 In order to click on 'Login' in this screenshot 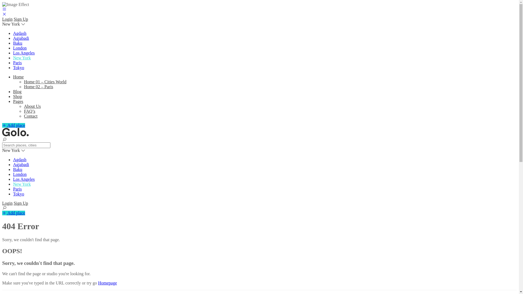, I will do `click(7, 19)`.